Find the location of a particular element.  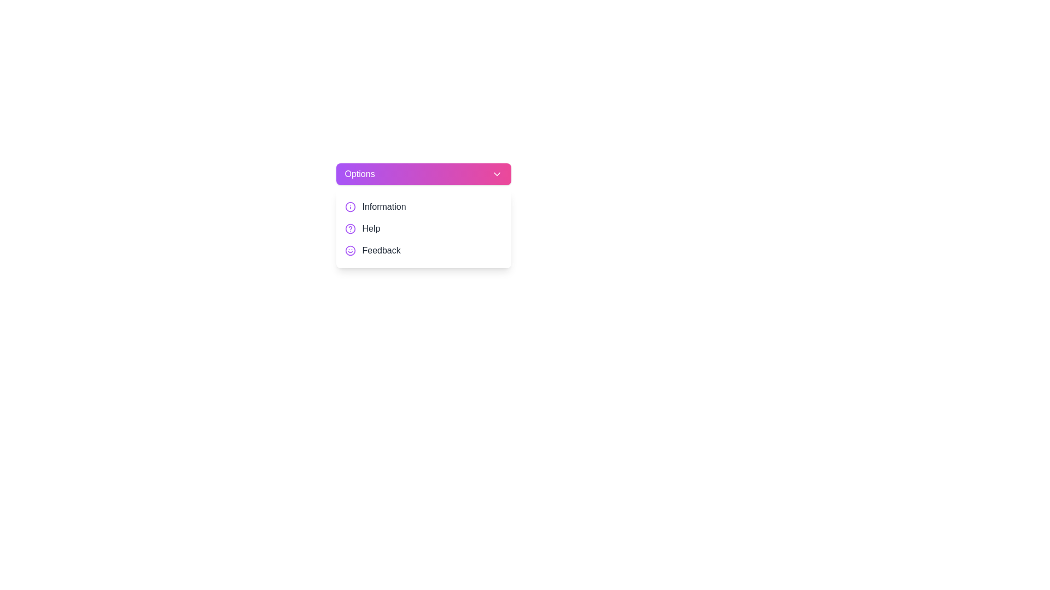

the dropdown menu is located at coordinates (423, 228).